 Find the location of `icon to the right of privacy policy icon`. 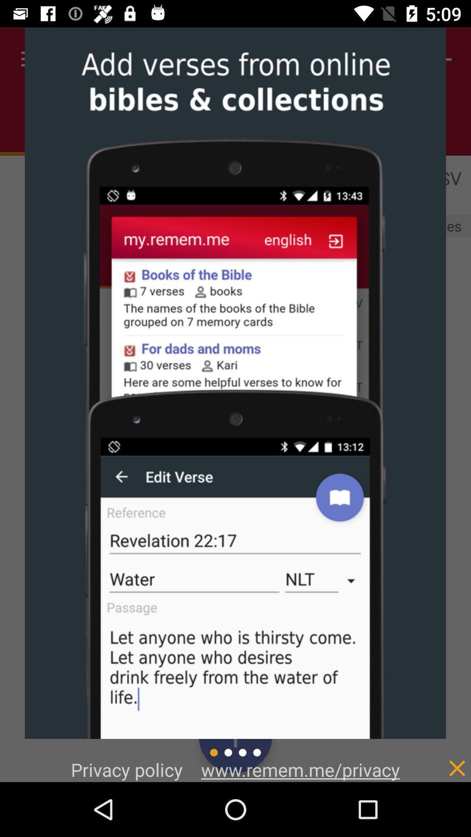

icon to the right of privacy policy icon is located at coordinates (300, 769).